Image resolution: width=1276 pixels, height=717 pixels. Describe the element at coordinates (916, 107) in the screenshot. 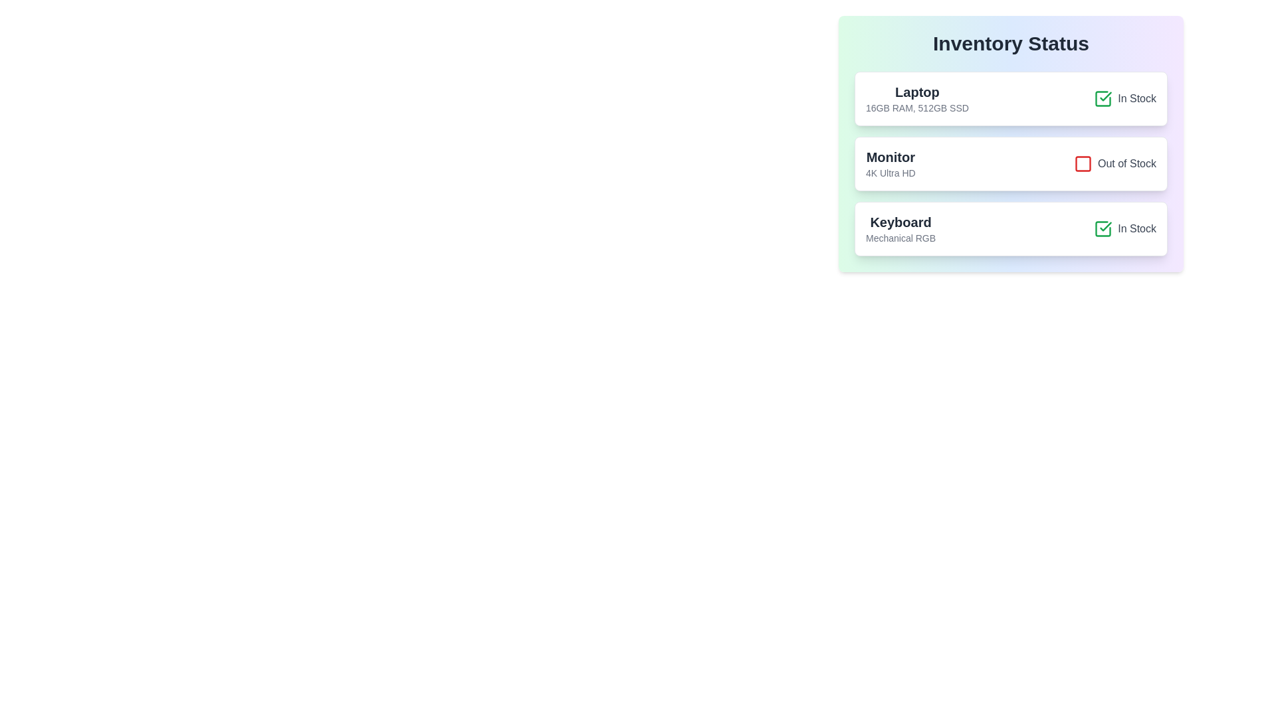

I see `the informational text detailing the technical specifications of the 'Laptop' item, located beneath the 'Laptop' title in the 'Inventory Status' list` at that location.